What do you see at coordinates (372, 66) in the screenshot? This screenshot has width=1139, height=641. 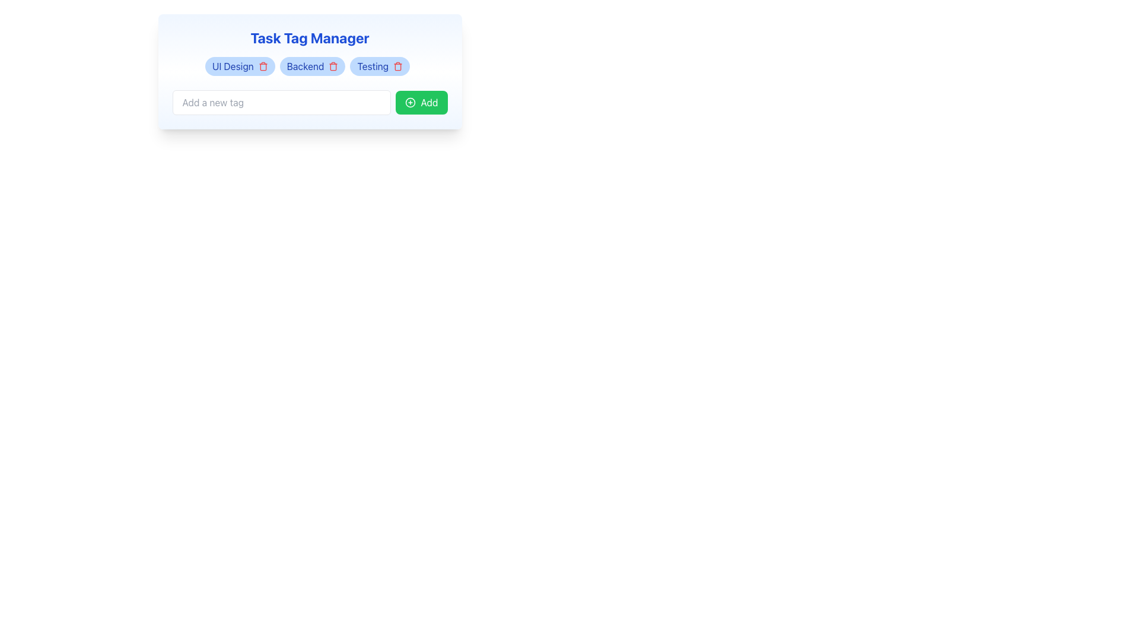 I see `the text label displaying 'Testing.' which is the third tag` at bounding box center [372, 66].